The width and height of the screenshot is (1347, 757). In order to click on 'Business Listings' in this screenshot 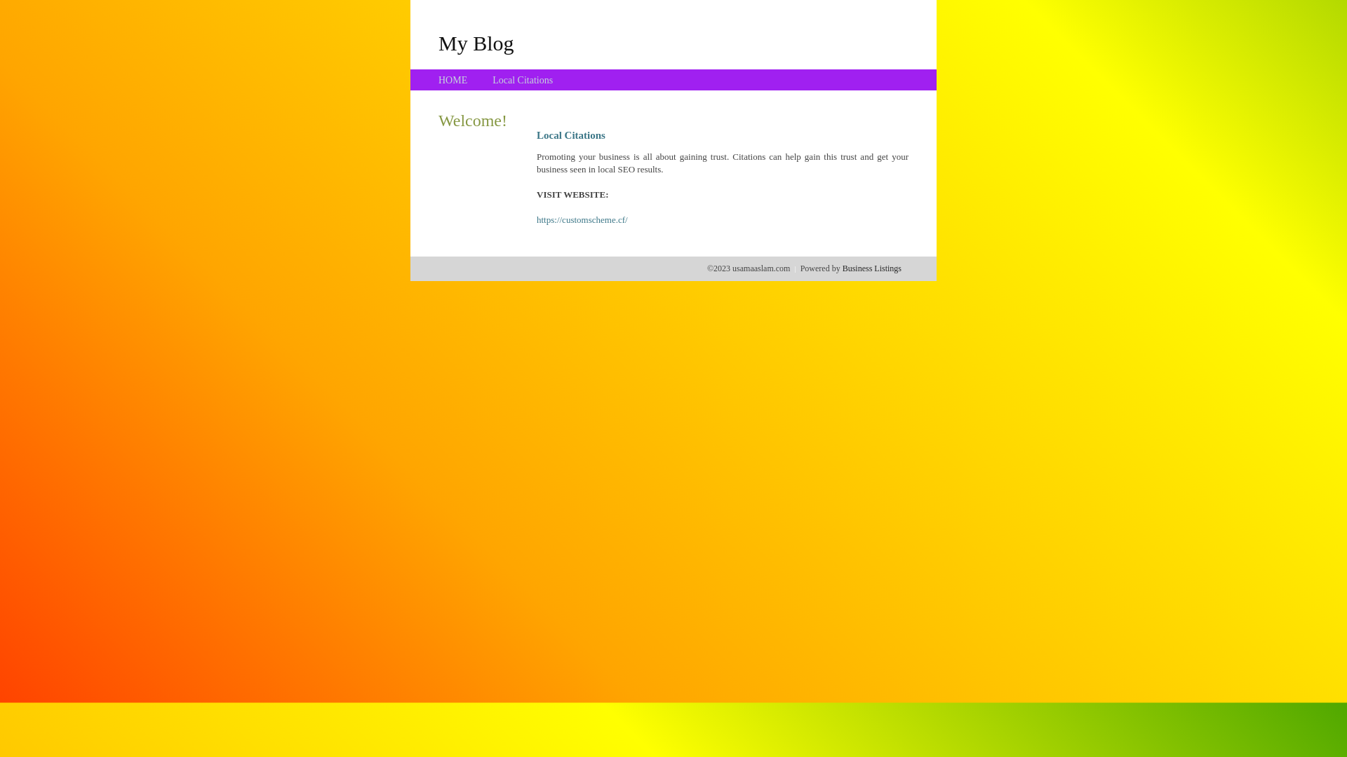, I will do `click(871, 268)`.